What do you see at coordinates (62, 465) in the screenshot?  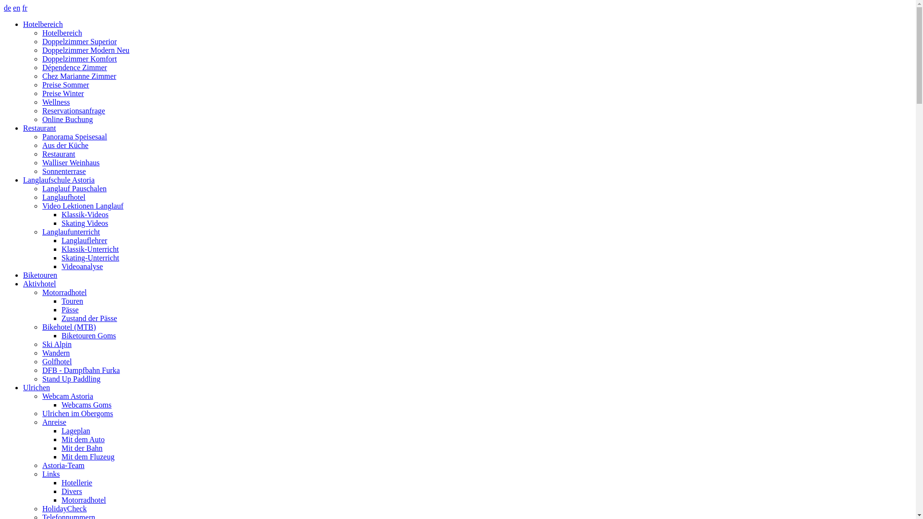 I see `'Astoria-Team'` at bounding box center [62, 465].